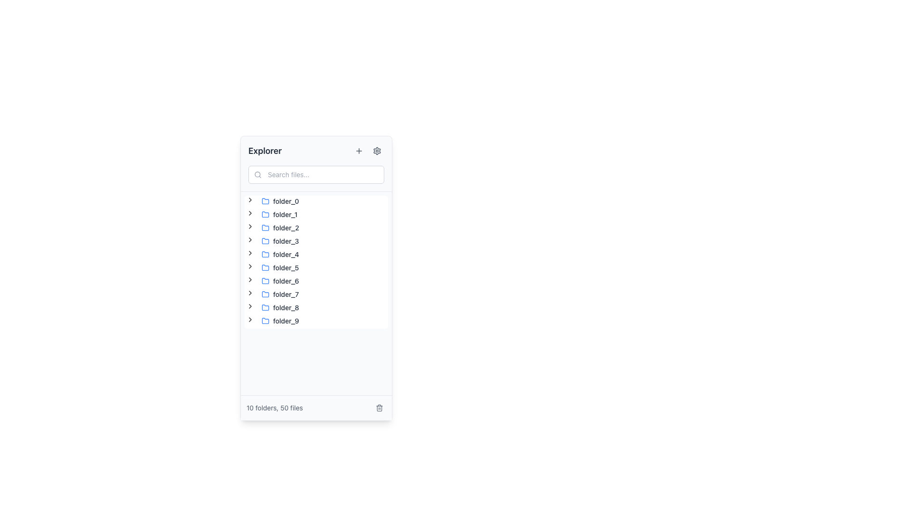 This screenshot has width=912, height=513. Describe the element at coordinates (285, 280) in the screenshot. I see `the label representing the folder named 'folder_6'` at that location.